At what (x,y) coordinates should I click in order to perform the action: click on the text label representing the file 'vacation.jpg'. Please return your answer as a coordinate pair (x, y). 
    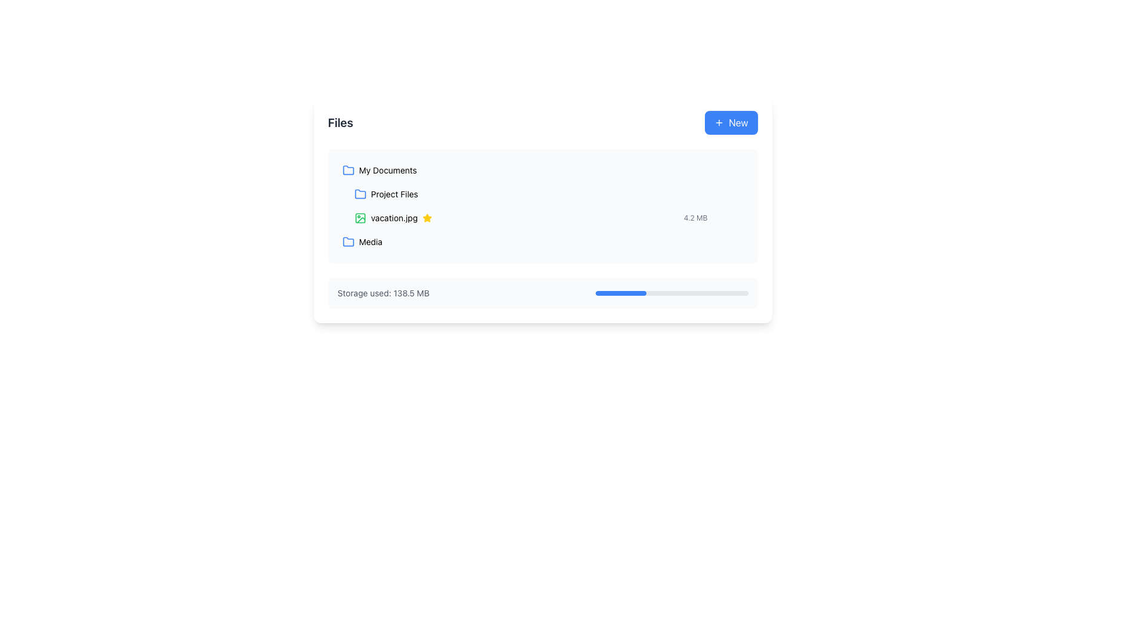
    Looking at the image, I should click on (394, 218).